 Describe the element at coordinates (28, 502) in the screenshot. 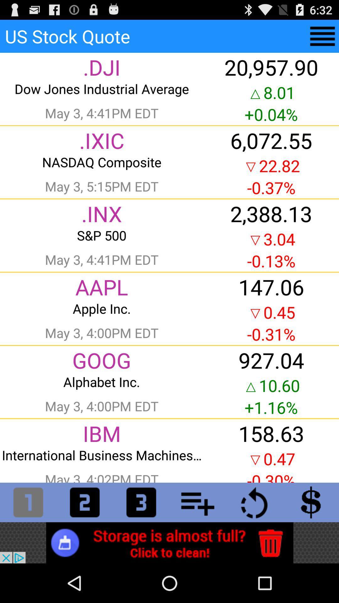

I see `numper` at that location.